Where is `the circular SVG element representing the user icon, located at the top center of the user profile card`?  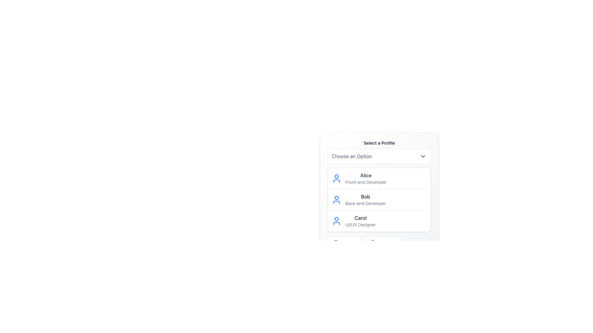
the circular SVG element representing the user icon, located at the top center of the user profile card is located at coordinates (336, 176).